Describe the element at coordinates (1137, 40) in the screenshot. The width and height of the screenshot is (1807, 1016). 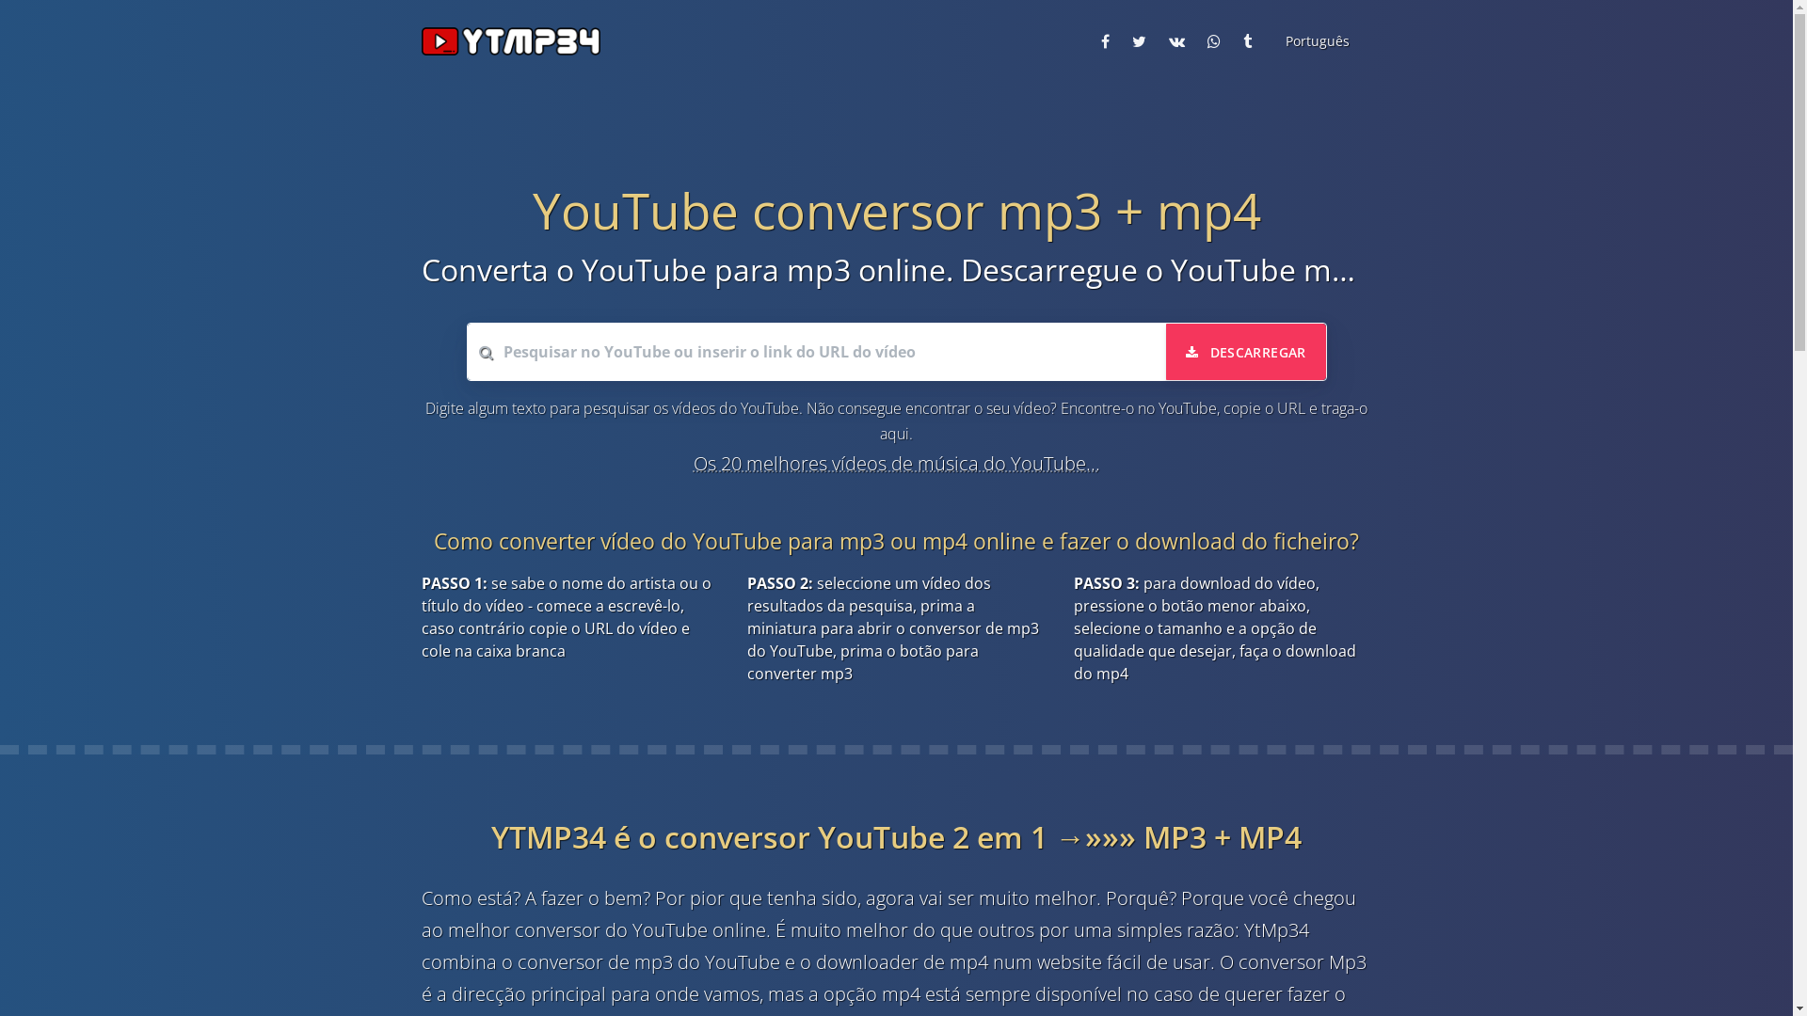
I see `'Compartilhar em Twitter'` at that location.